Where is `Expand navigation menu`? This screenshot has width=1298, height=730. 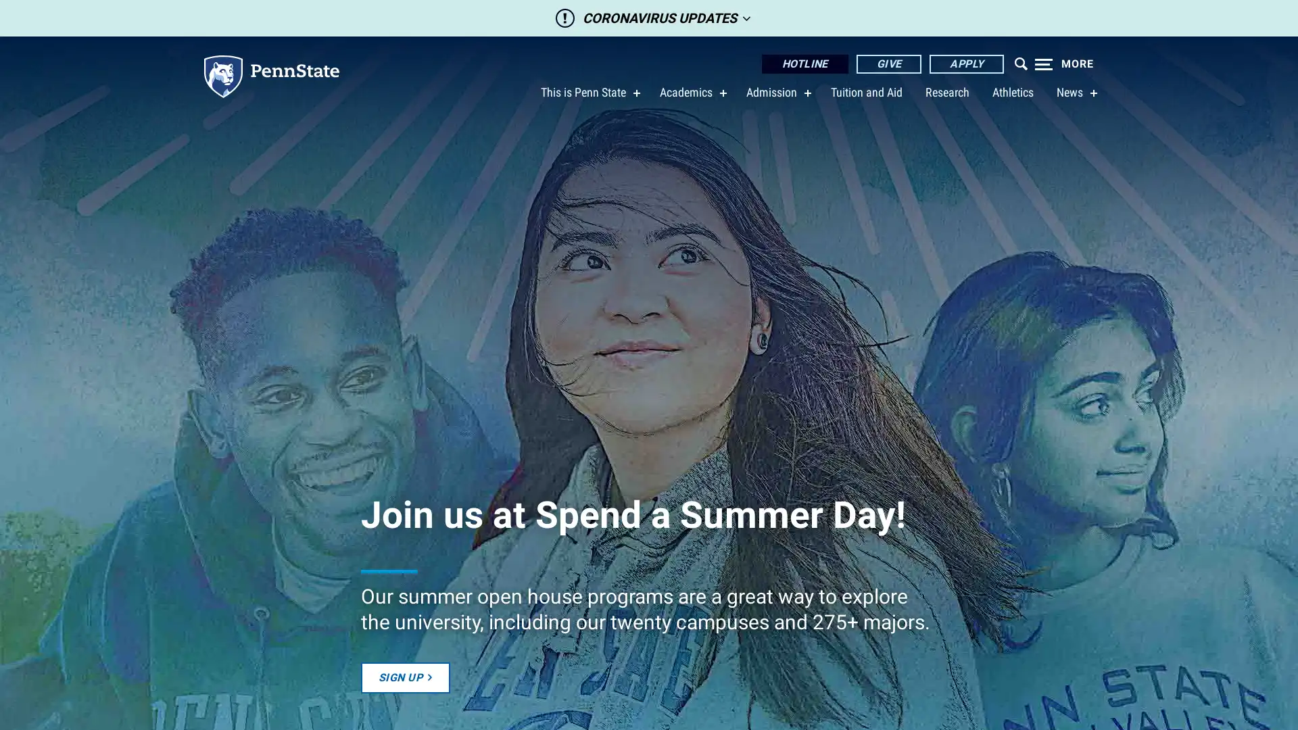 Expand navigation menu is located at coordinates (1063, 64).